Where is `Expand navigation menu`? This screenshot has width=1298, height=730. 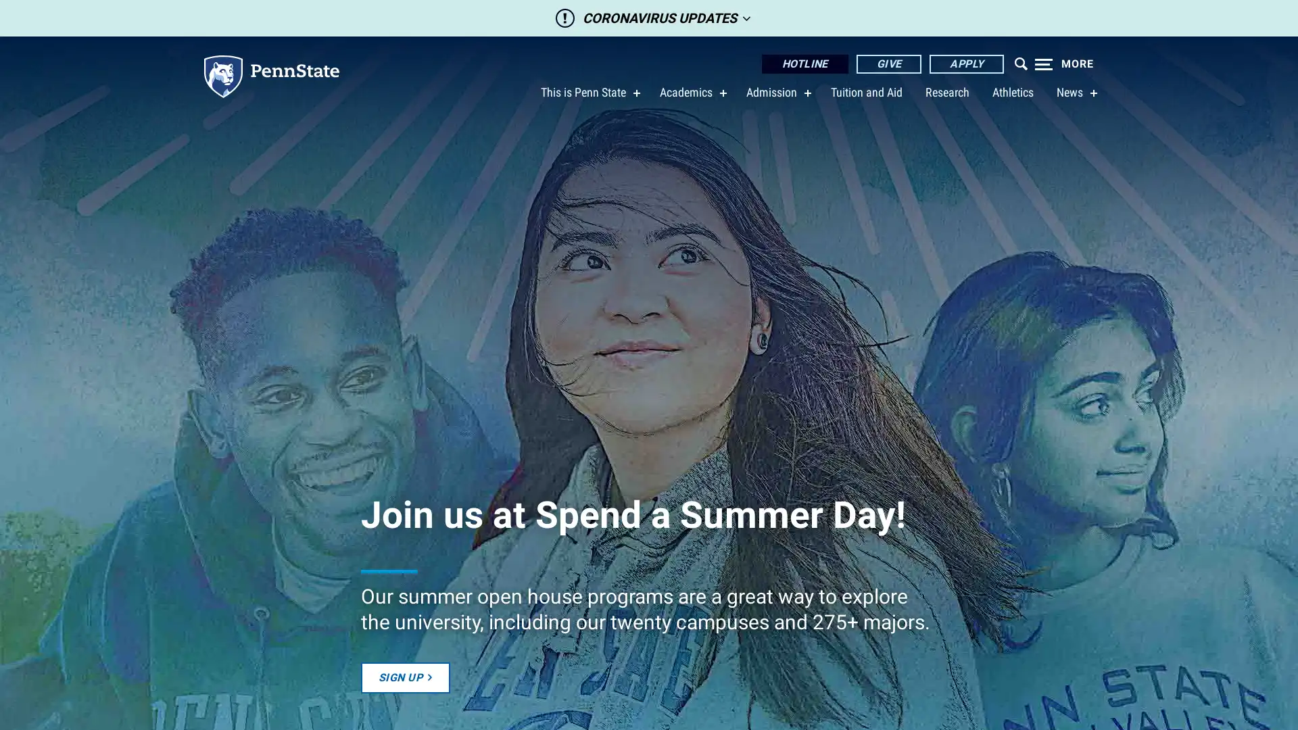 Expand navigation menu is located at coordinates (1063, 64).